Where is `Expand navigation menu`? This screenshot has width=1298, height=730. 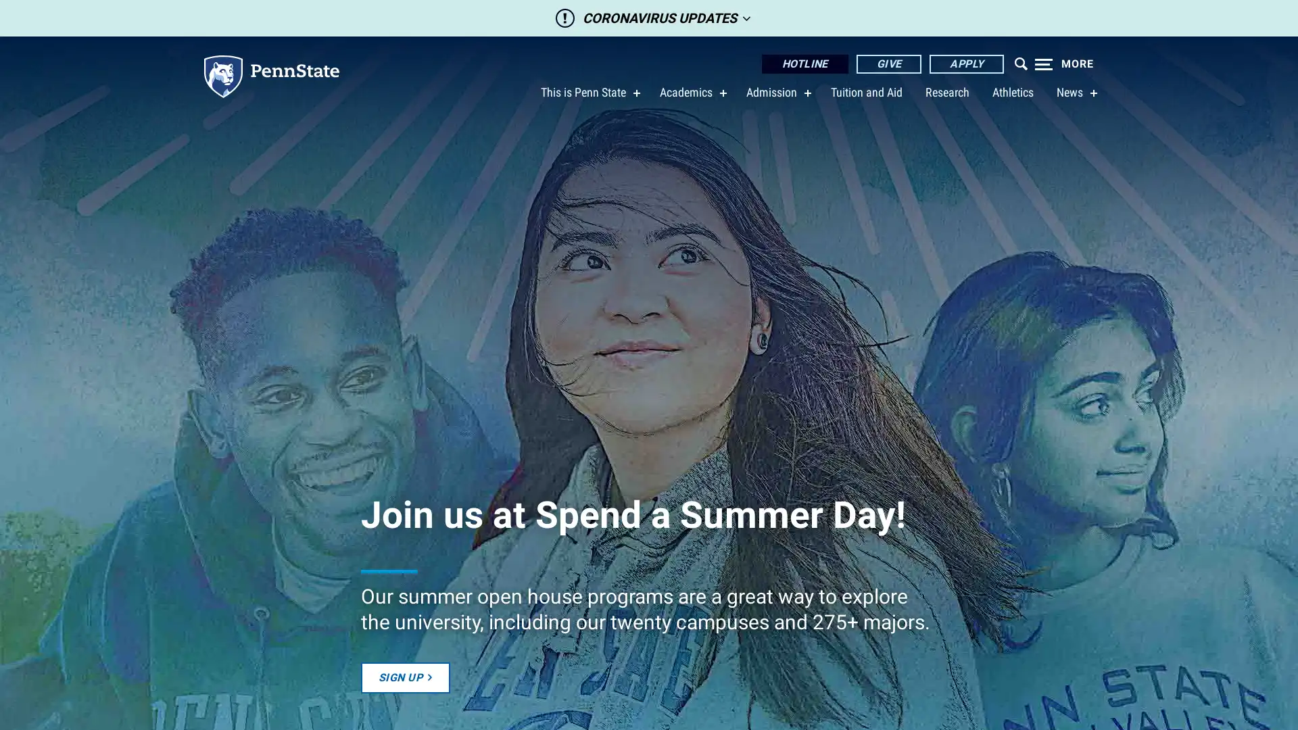 Expand navigation menu is located at coordinates (1063, 64).